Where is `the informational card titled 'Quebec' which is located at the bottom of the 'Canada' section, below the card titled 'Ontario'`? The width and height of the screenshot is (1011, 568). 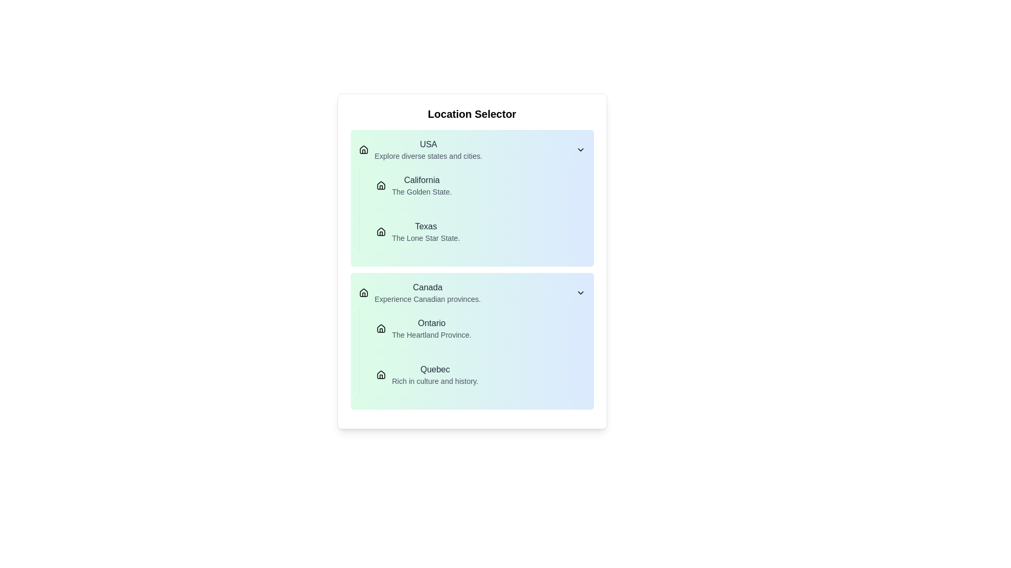
the informational card titled 'Quebec' which is located at the bottom of the 'Canada' section, below the card titled 'Ontario' is located at coordinates (476, 374).